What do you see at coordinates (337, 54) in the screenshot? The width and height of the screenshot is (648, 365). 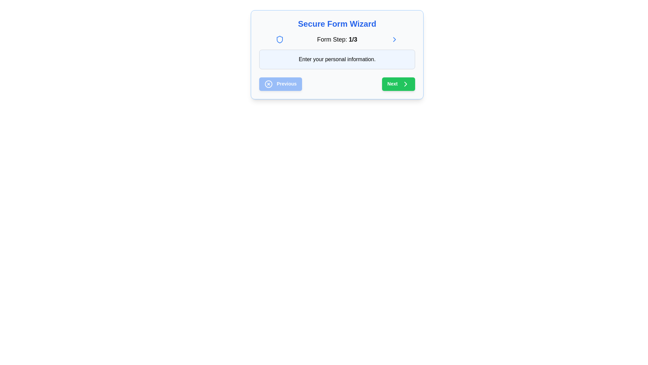 I see `the Instructional Text Box that contains the prompt 'Enter your personal information.' which has a light blue background and is centrally located in the form wizard interface` at bounding box center [337, 54].